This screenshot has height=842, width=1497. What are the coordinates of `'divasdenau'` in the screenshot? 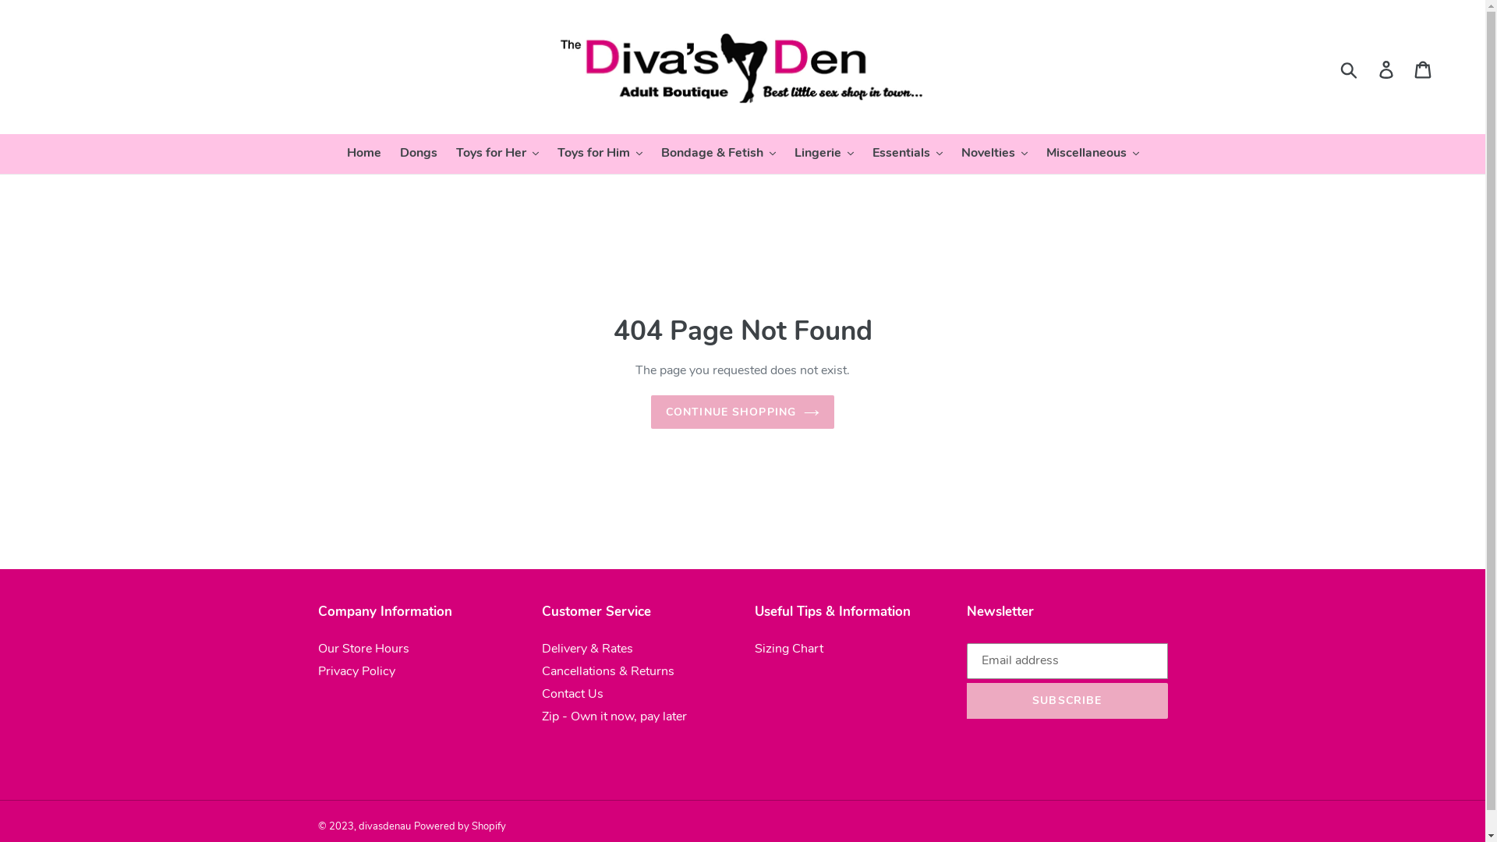 It's located at (384, 826).